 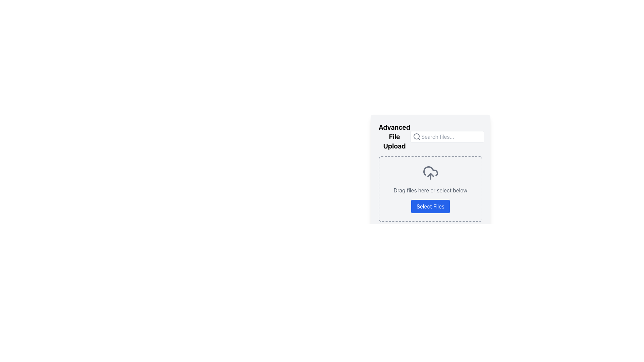 What do you see at coordinates (430, 174) in the screenshot?
I see `the Icon (Arrow within a cloud symbol) that is located at the bottom part of the cloud icon, which is centrally positioned within a dashed border box labeled 'Drag files here or select below'` at bounding box center [430, 174].